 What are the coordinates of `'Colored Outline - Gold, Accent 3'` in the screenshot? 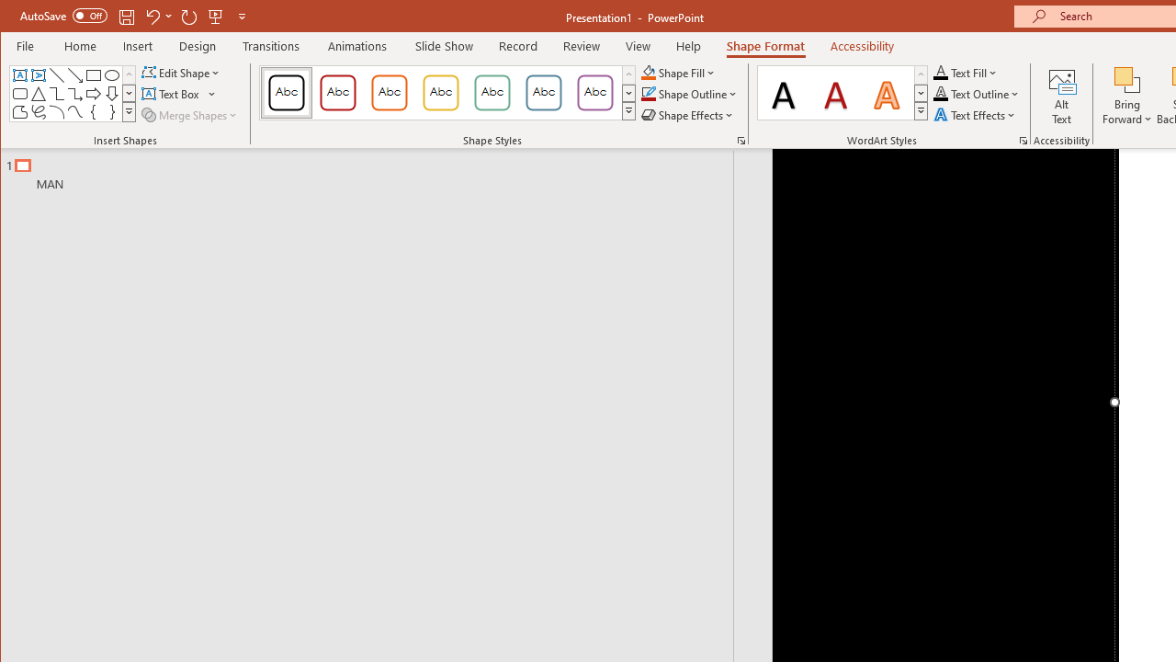 It's located at (441, 92).